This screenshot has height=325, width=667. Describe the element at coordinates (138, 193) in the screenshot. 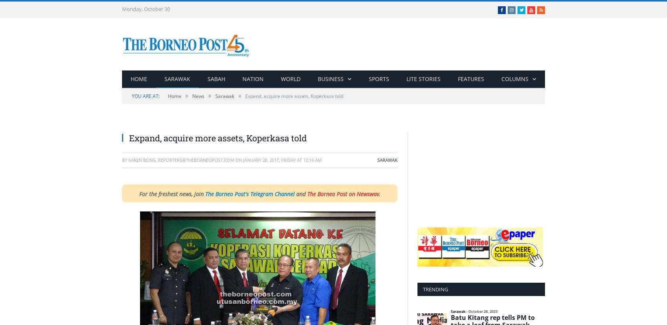

I see `'For the freshest news, join'` at that location.